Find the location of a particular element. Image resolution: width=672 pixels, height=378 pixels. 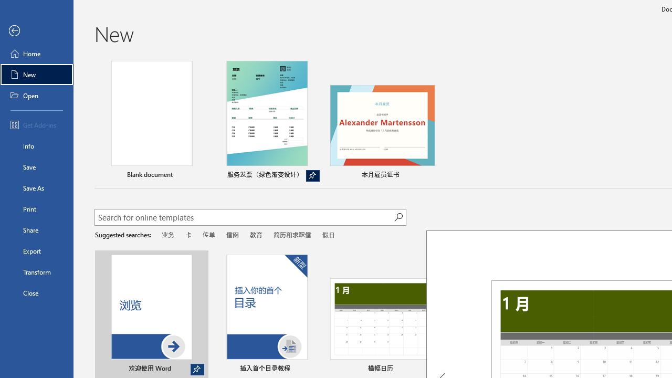

'Info' is located at coordinates (36, 145).